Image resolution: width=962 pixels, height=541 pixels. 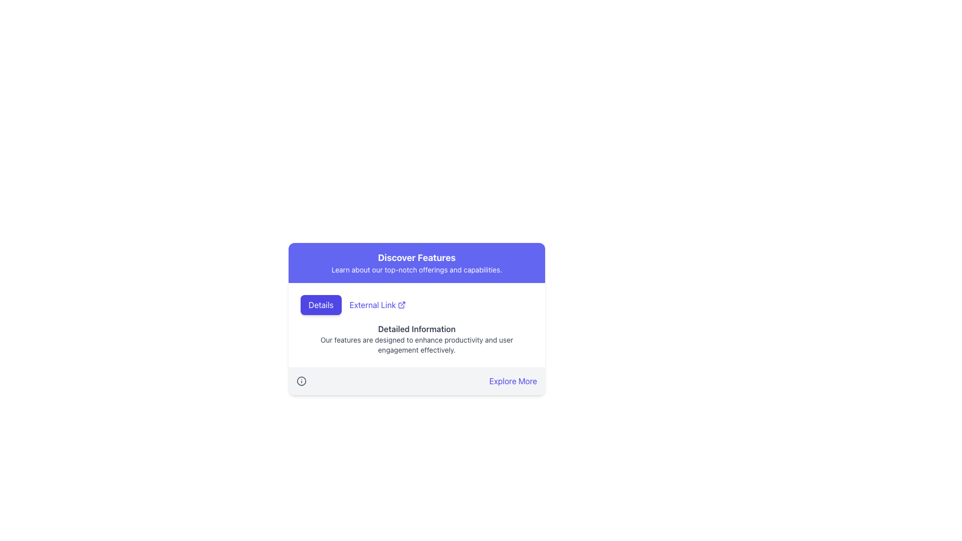 What do you see at coordinates (416, 262) in the screenshot?
I see `the Section Header with the title 'Discover Features' and descriptive text 'Learn about our top-notch offerings and capabilities' to scroll into view` at bounding box center [416, 262].